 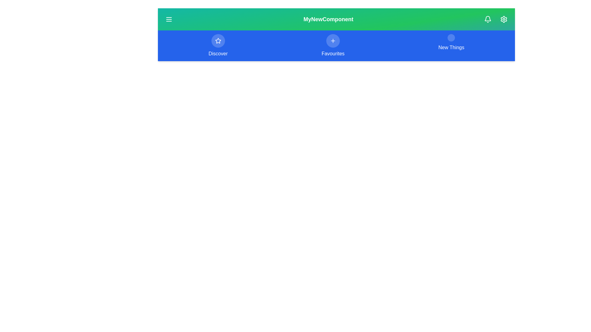 What do you see at coordinates (169, 19) in the screenshot?
I see `menu icon to toggle the menu visibility` at bounding box center [169, 19].